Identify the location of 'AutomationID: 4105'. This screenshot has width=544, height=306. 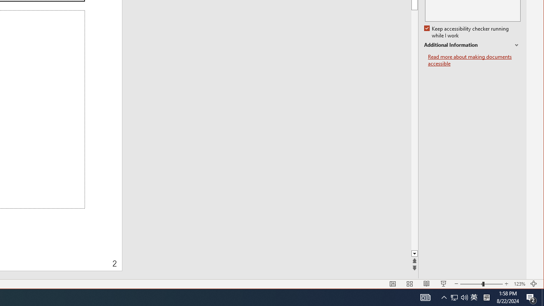
(425, 297).